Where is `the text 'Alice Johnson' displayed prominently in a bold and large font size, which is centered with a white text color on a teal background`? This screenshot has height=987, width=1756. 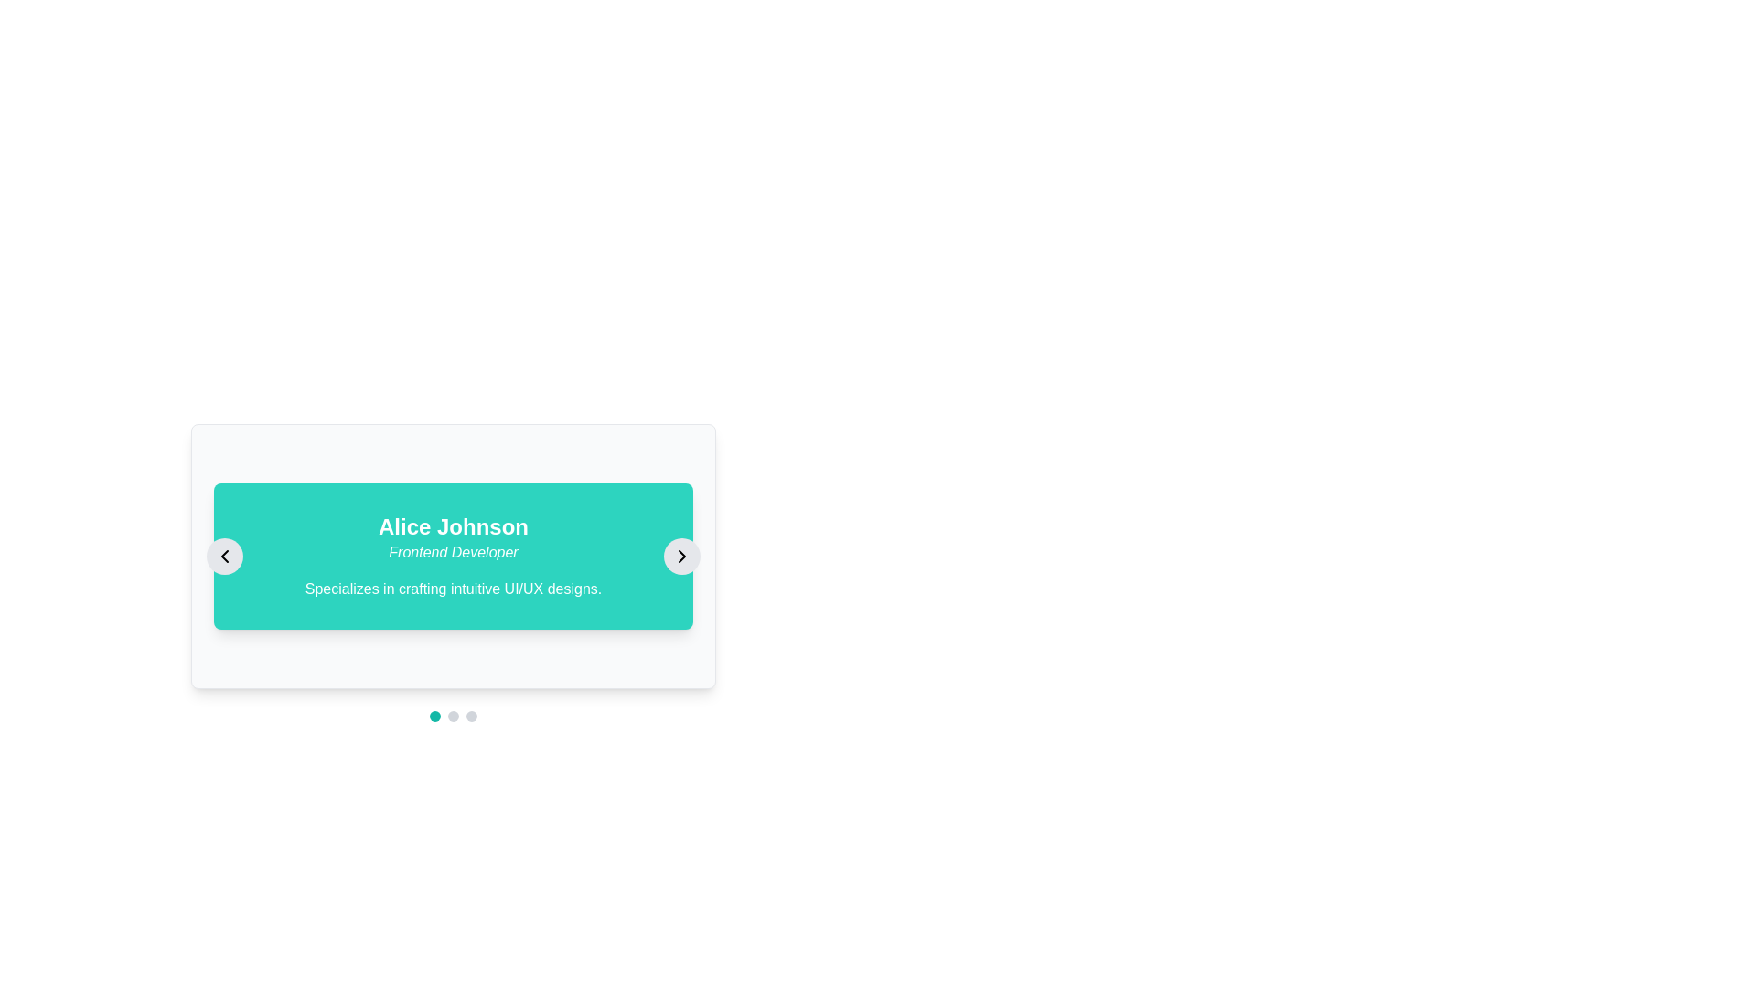 the text 'Alice Johnson' displayed prominently in a bold and large font size, which is centered with a white text color on a teal background is located at coordinates (453, 527).